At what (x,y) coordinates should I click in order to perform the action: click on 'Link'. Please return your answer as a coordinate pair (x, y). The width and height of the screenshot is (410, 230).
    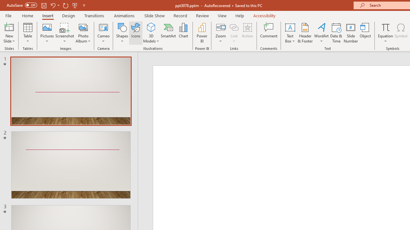
    Looking at the image, I should click on (234, 27).